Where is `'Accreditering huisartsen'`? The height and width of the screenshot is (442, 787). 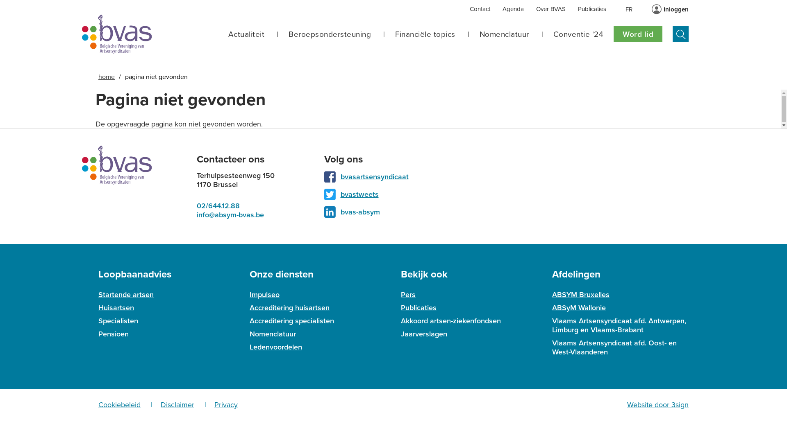
'Accreditering huisartsen' is located at coordinates (289, 308).